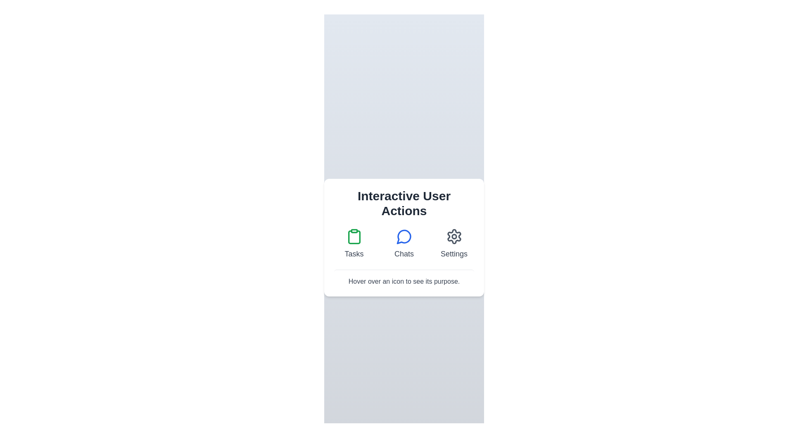 This screenshot has height=446, width=793. I want to click on the settings icon, which is a gray gear shape with a bold 'Settings' label beneath it, located at the leftmost position in the bottom horizontal action bar, so click(453, 236).